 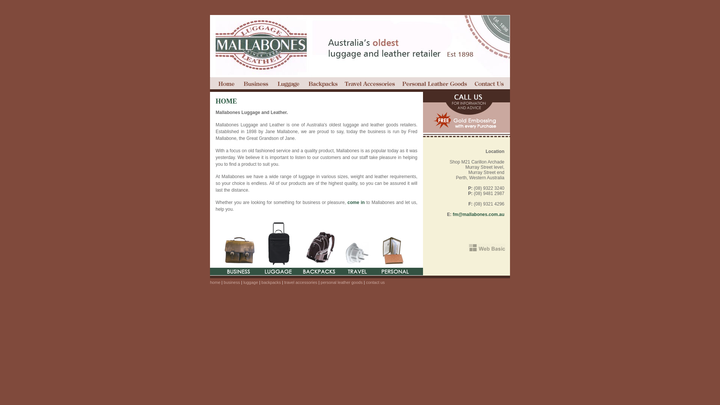 I want to click on 'backpacks', so click(x=271, y=282).